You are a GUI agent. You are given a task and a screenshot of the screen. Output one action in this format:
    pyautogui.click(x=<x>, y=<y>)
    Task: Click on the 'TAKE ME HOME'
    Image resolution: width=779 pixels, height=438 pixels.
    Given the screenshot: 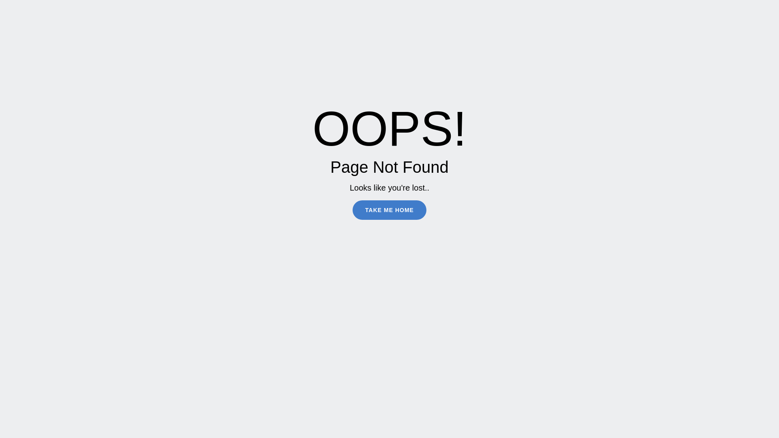 What is the action you would take?
    pyautogui.click(x=389, y=209)
    